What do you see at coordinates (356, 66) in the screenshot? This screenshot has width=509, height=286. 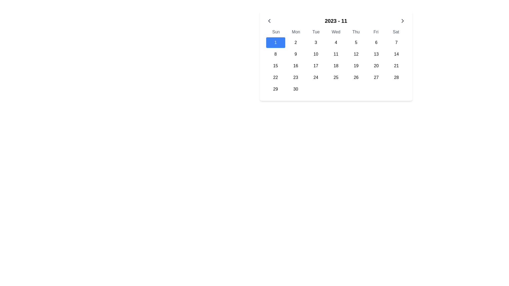 I see `the clickable calendar day cell representing the 19th day` at bounding box center [356, 66].